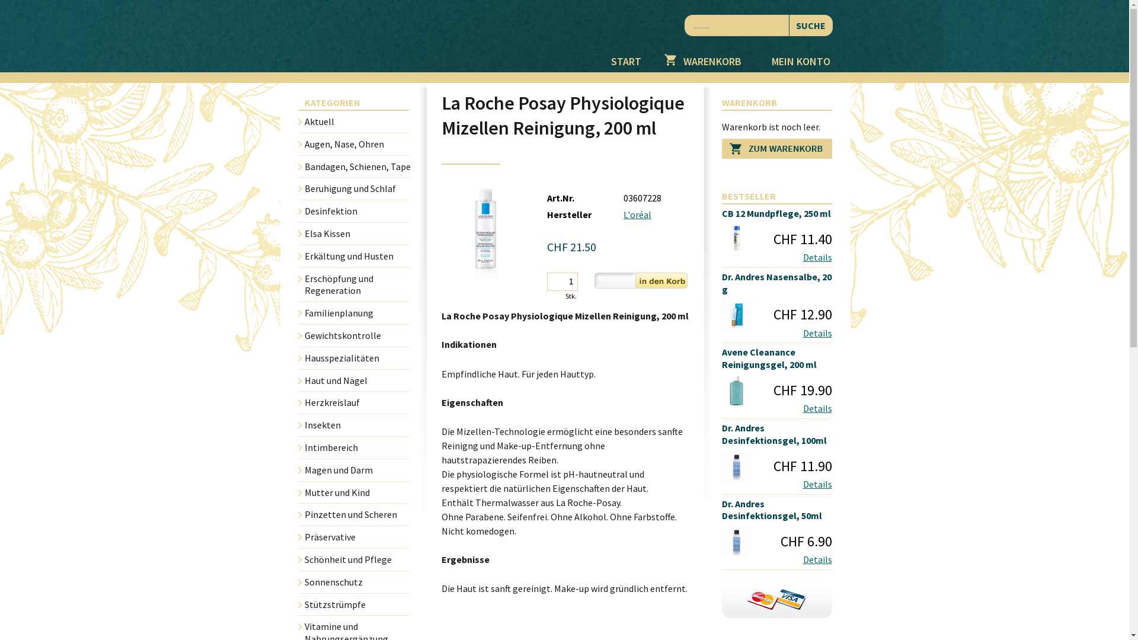 The image size is (1138, 640). I want to click on 'Avene Cleanance Reinigungsgel, 200 ml', so click(776, 358).